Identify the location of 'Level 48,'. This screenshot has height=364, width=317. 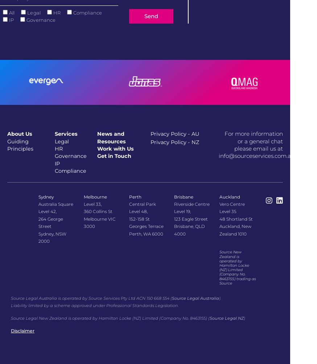
(138, 211).